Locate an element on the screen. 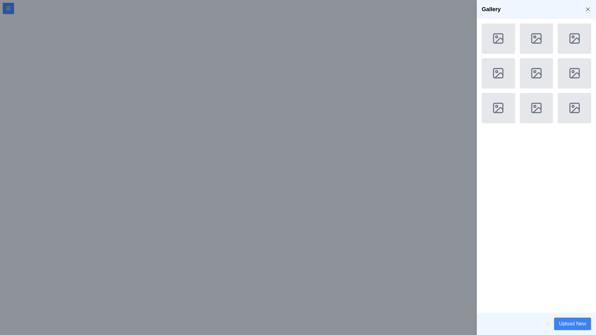 Image resolution: width=596 pixels, height=335 pixels. the decorative visual component representing the outer shape of an image or thumbnail in the lower-right corner of the gallery interface is located at coordinates (574, 73).